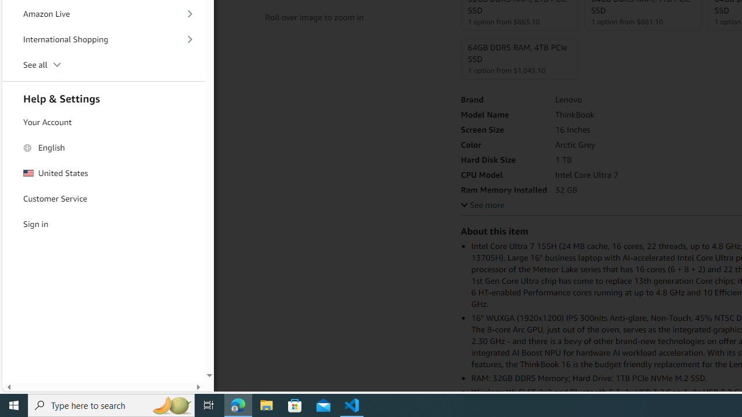 Image resolution: width=742 pixels, height=417 pixels. I want to click on 'Sign in', so click(104, 224).